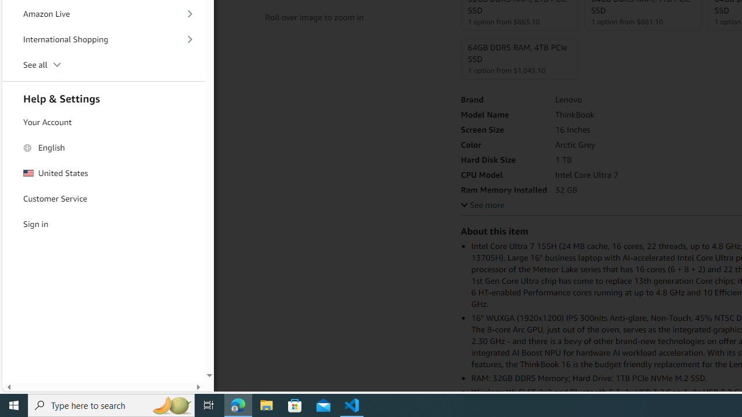 Image resolution: width=742 pixels, height=417 pixels. I want to click on 'Sign in', so click(104, 224).